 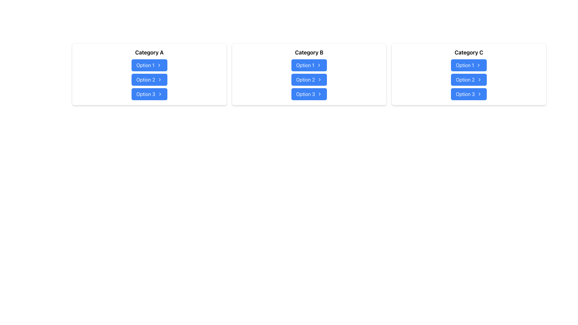 I want to click on the 'Option 3' button located at the bottom of the 'Category C' grouping, so click(x=468, y=94).